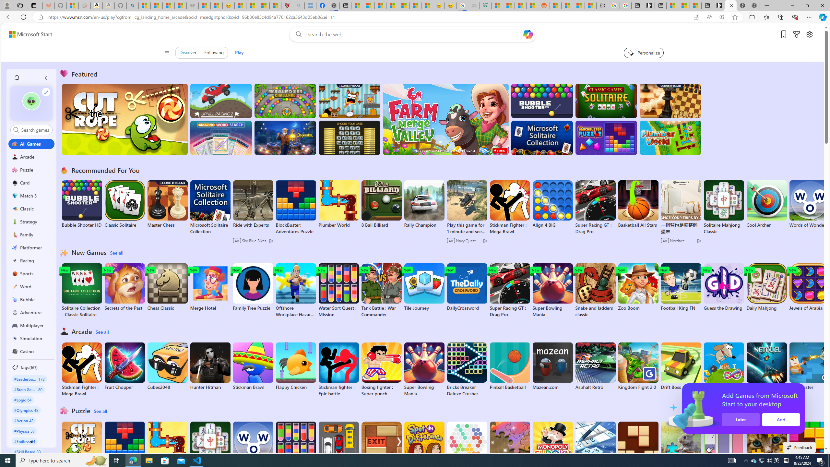 This screenshot has height=467, width=830. What do you see at coordinates (766, 287) in the screenshot?
I see `'Daily Mahjong'` at bounding box center [766, 287].